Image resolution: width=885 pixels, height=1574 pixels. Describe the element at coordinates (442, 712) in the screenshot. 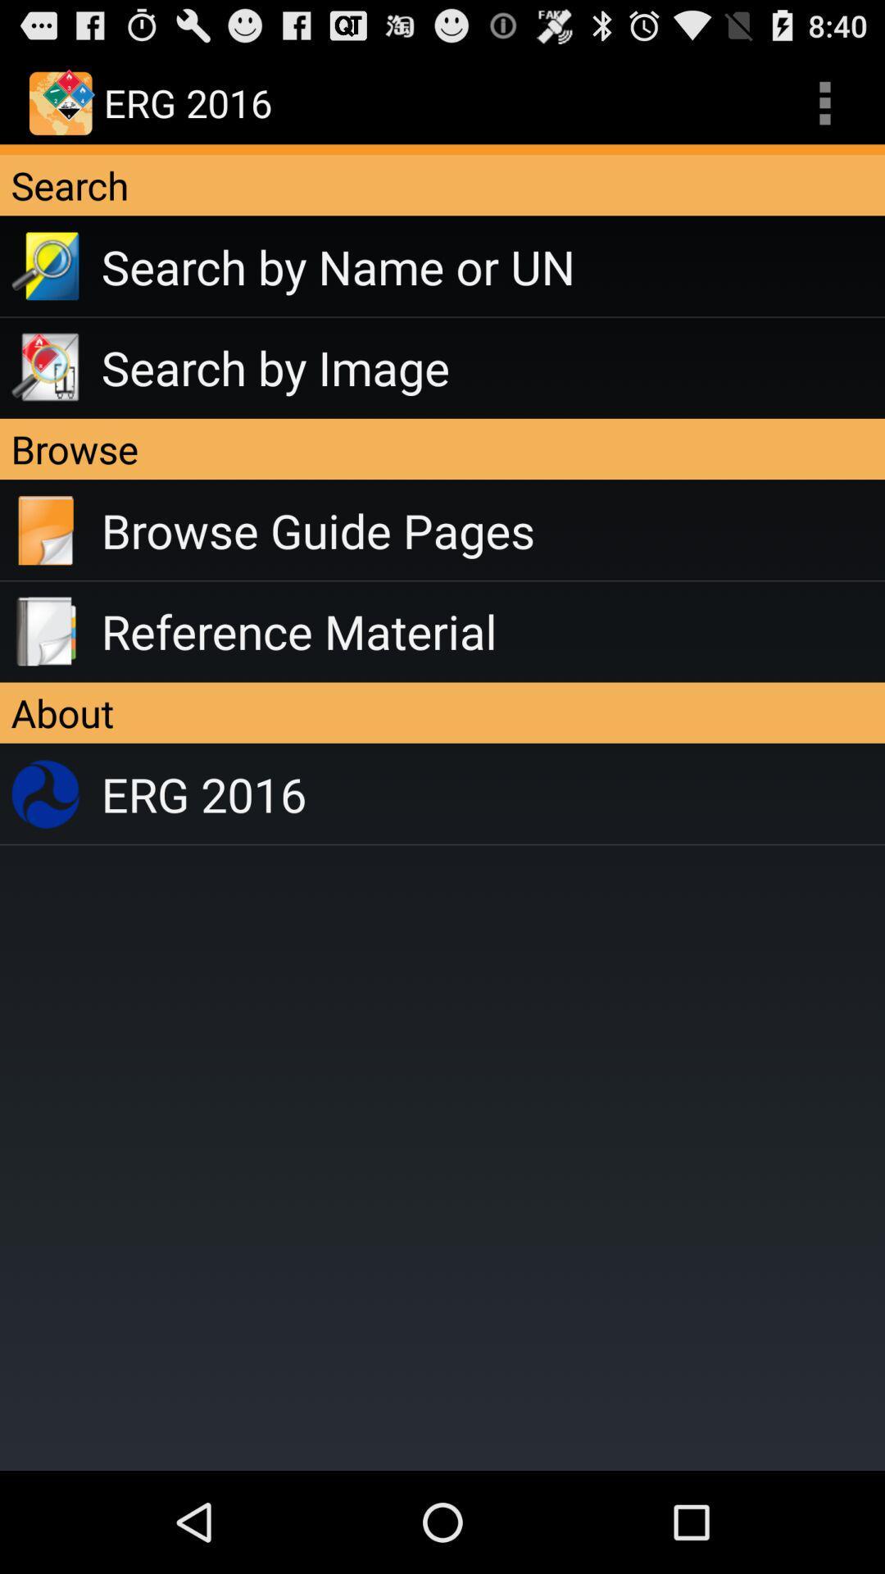

I see `about item` at that location.